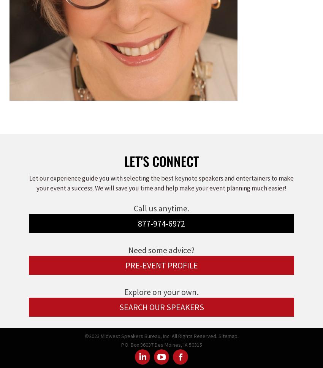 This screenshot has width=323, height=368. What do you see at coordinates (161, 250) in the screenshot?
I see `'Need some advice?'` at bounding box center [161, 250].